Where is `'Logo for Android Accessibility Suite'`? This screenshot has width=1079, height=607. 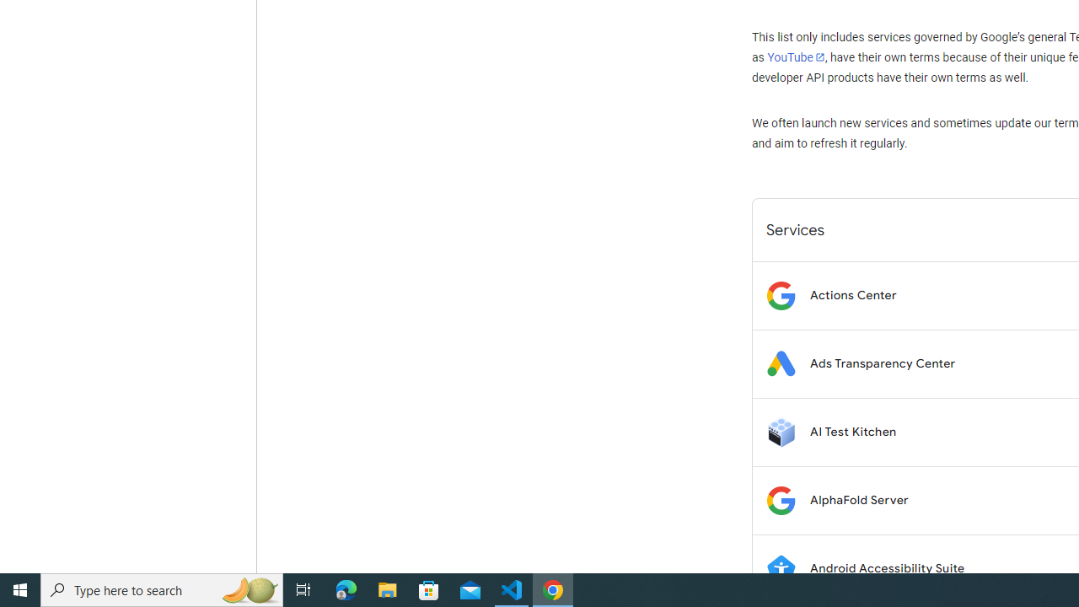
'Logo for Android Accessibility Suite' is located at coordinates (780, 568).